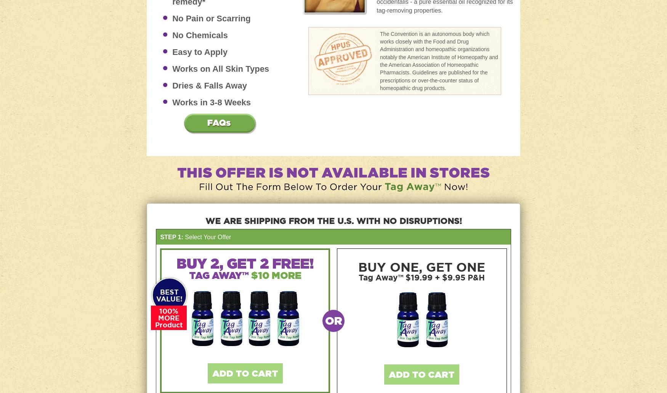 This screenshot has height=393, width=667. Describe the element at coordinates (211, 101) in the screenshot. I see `'Works in 3-8 Weeks'` at that location.